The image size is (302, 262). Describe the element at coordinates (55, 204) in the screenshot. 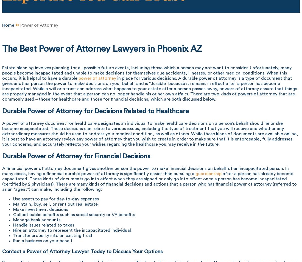

I see `'Maintain, buy, sell, or rent out real estate'` at that location.